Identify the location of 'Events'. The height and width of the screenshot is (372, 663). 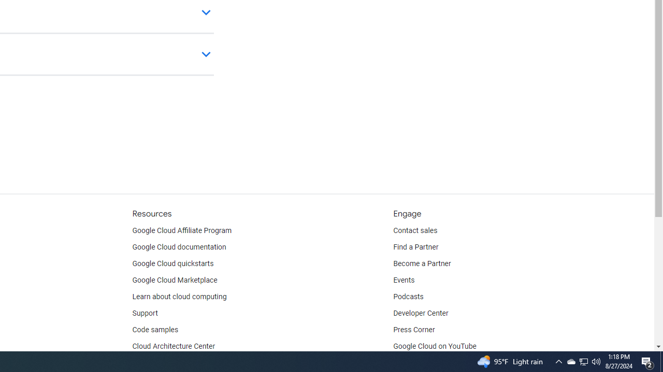
(403, 280).